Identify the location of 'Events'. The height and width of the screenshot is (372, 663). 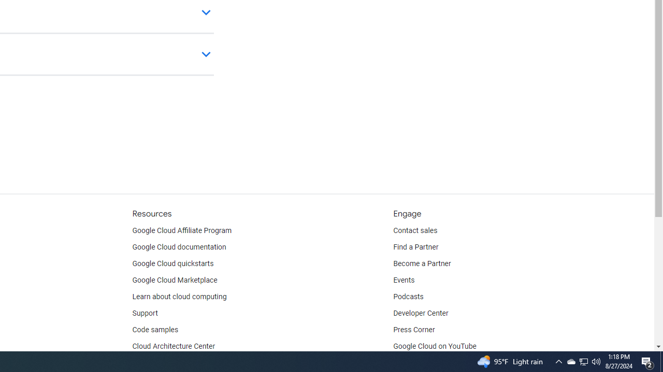
(403, 280).